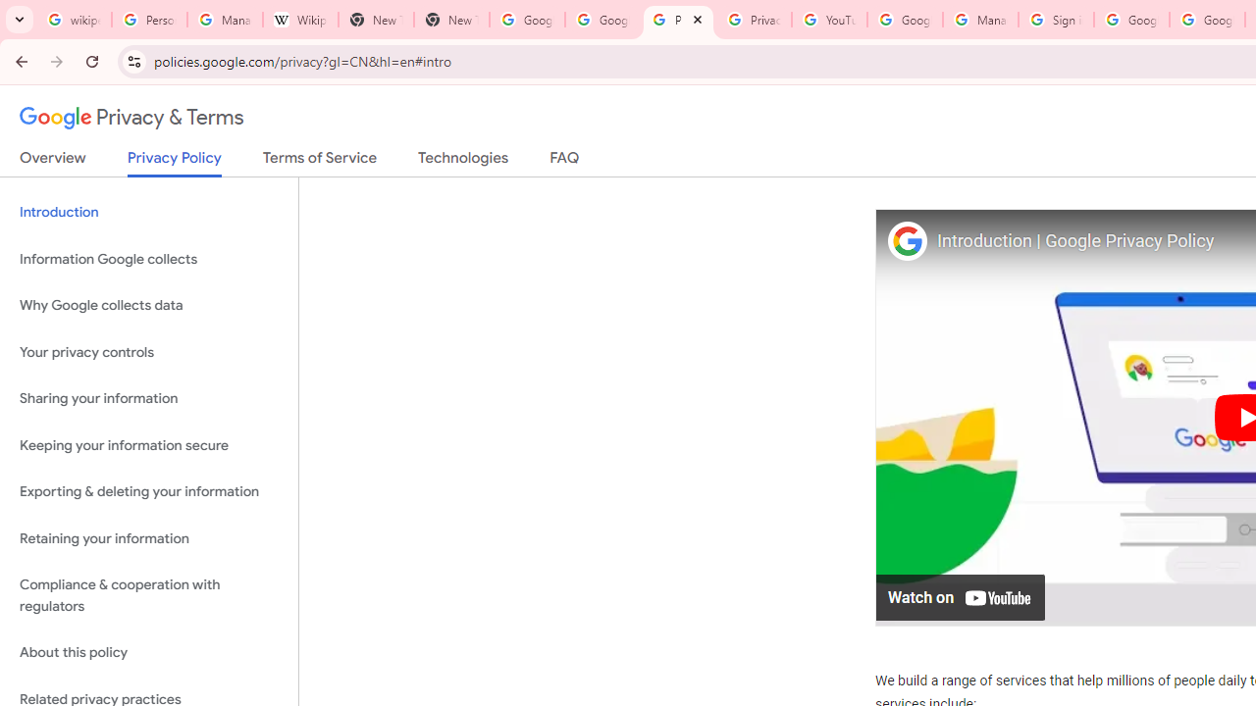 Image resolution: width=1256 pixels, height=706 pixels. Describe the element at coordinates (148, 306) in the screenshot. I see `'Why Google collects data'` at that location.